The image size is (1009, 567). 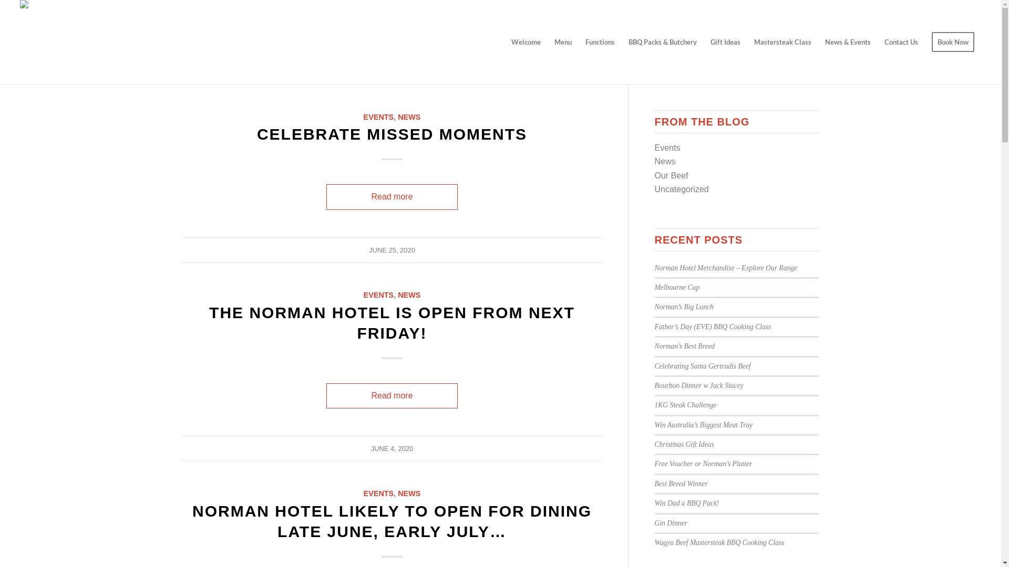 I want to click on 'Mastersteak Class', so click(x=783, y=41).